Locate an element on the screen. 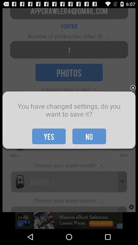  tab is located at coordinates (133, 88).